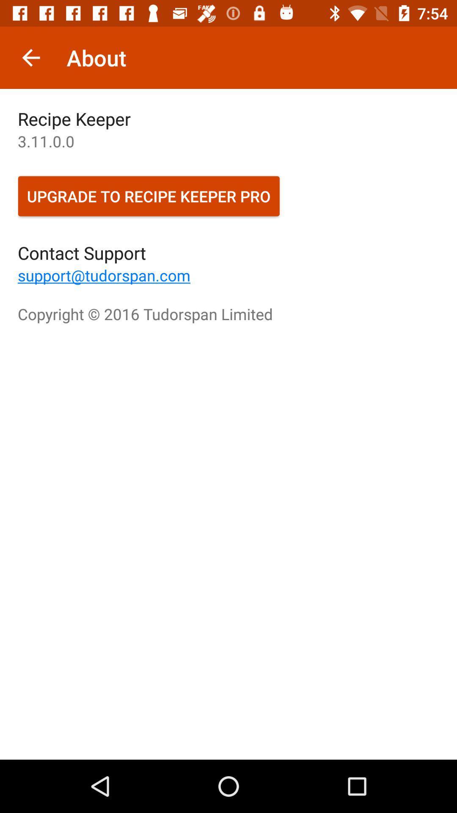 The image size is (457, 813). I want to click on icon above the contact support icon, so click(148, 196).